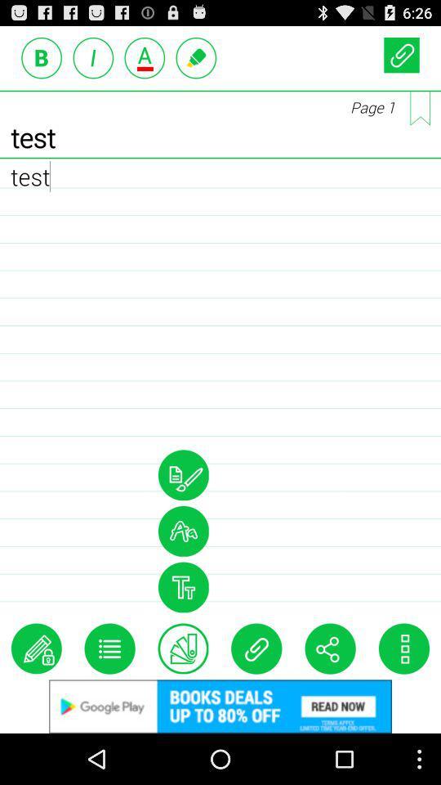 The height and width of the screenshot is (785, 441). Describe the element at coordinates (403, 648) in the screenshot. I see `see more options` at that location.